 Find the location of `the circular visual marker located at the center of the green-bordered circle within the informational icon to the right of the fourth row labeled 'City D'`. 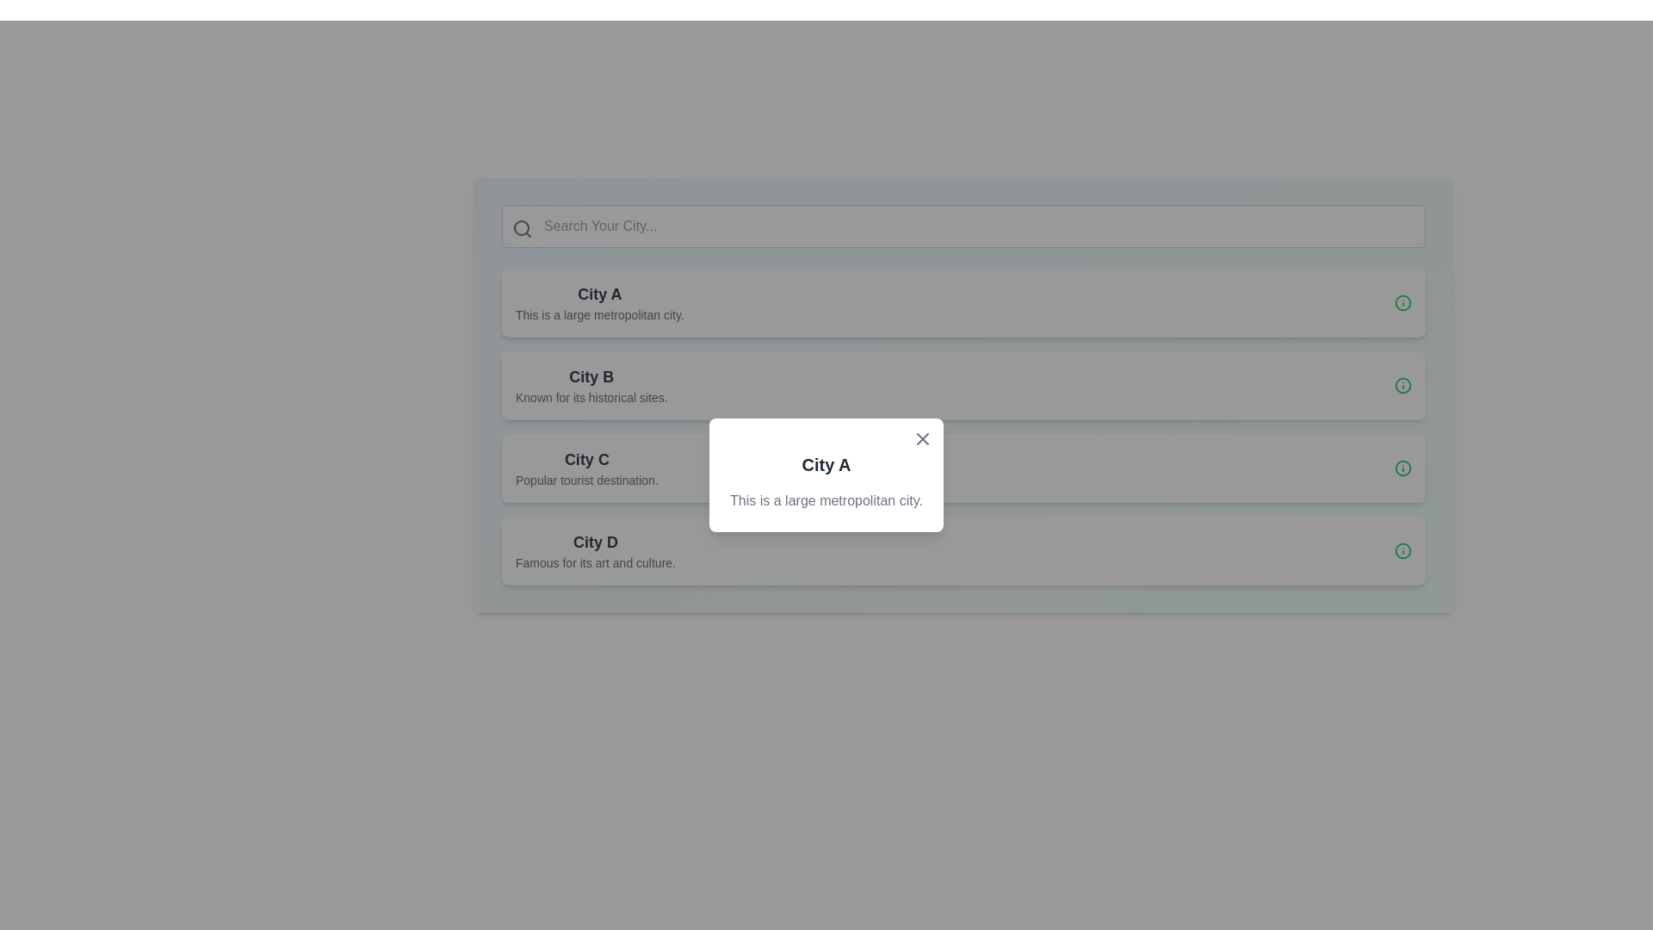

the circular visual marker located at the center of the green-bordered circle within the informational icon to the right of the fourth row labeled 'City D' is located at coordinates (1403, 468).